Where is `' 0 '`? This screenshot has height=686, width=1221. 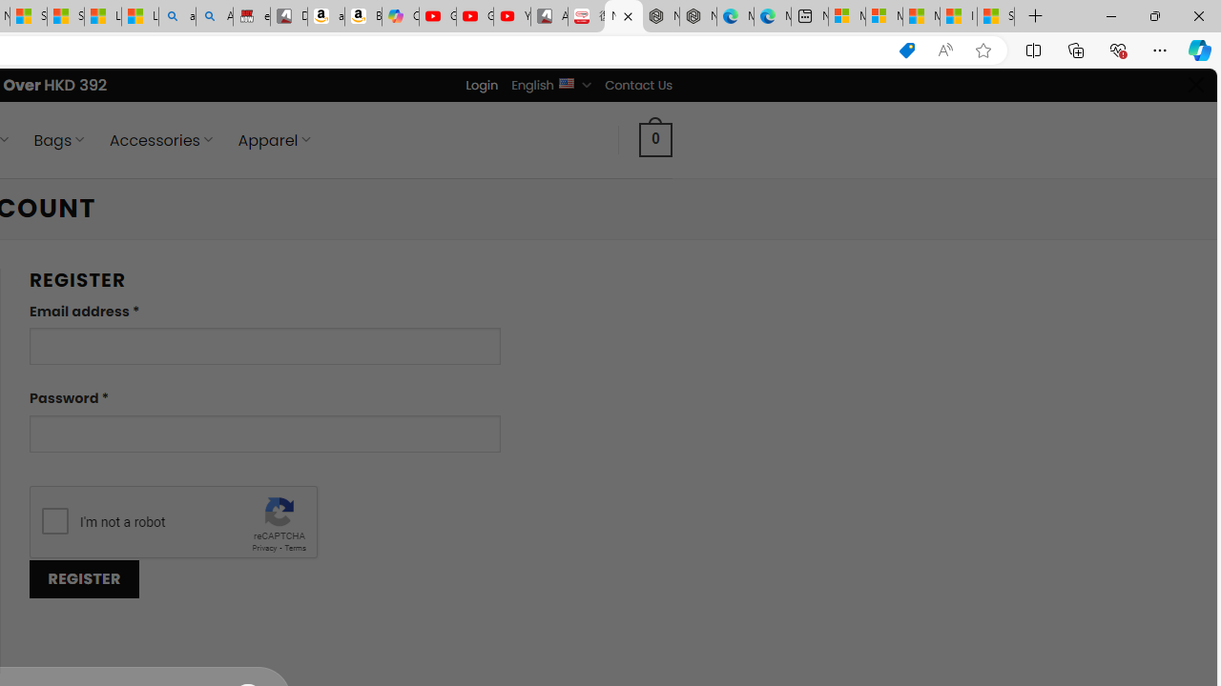 ' 0 ' is located at coordinates (656, 138).